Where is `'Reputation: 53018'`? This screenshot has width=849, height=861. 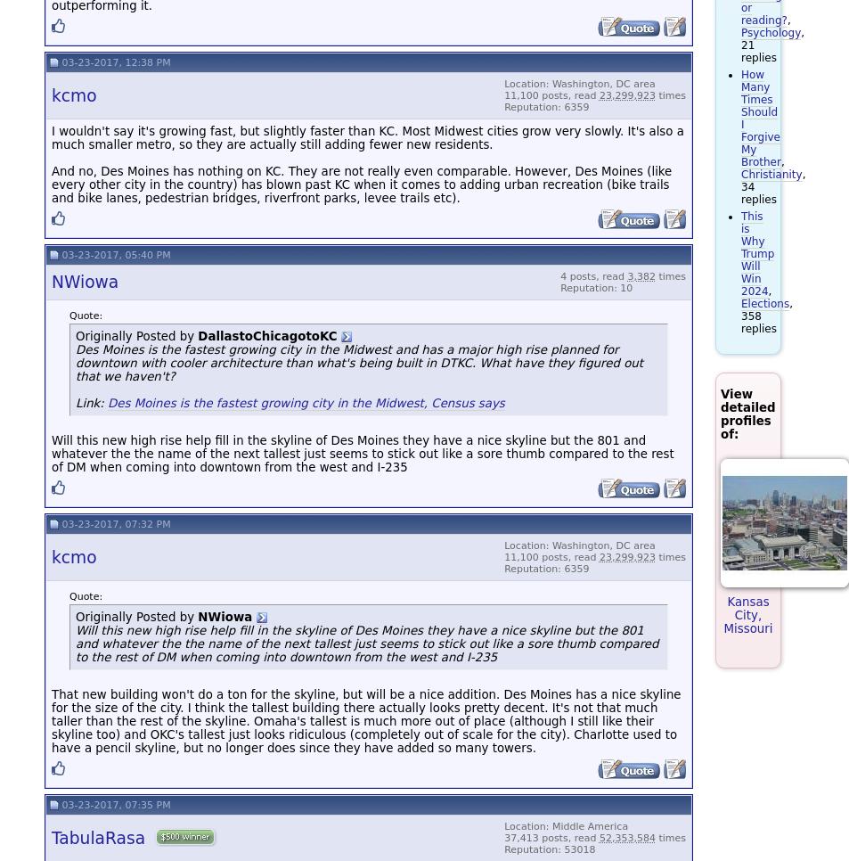
'Reputation: 53018' is located at coordinates (549, 849).